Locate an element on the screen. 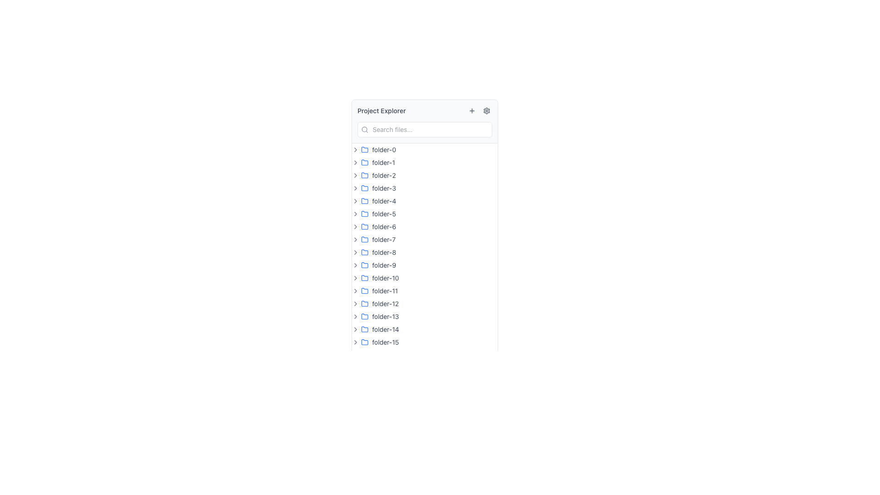  the folder icon located is located at coordinates (364, 252).